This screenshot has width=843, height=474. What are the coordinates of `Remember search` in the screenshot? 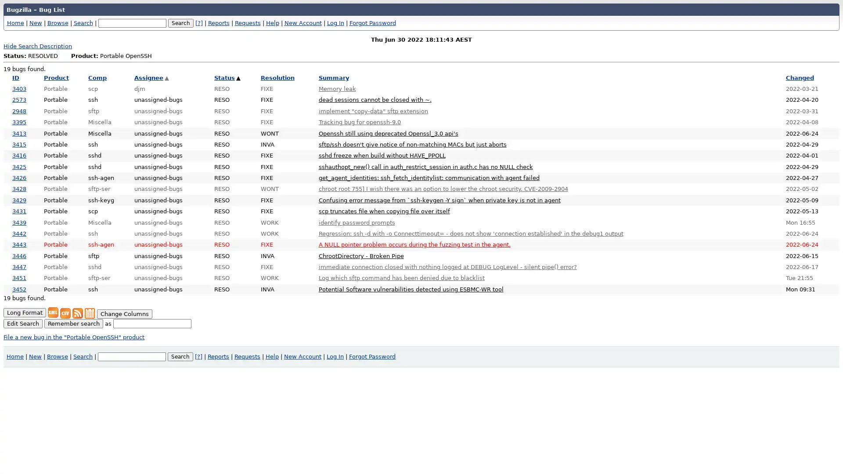 It's located at (74, 323).